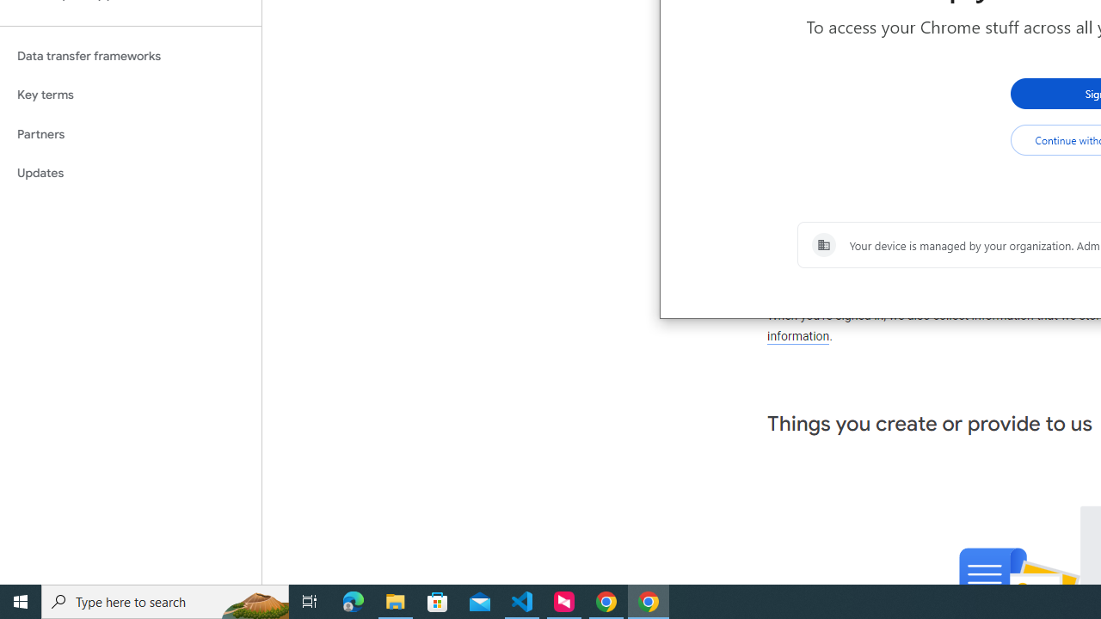 The height and width of the screenshot is (619, 1101). What do you see at coordinates (521, 600) in the screenshot?
I see `'Visual Studio Code - 1 running window'` at bounding box center [521, 600].